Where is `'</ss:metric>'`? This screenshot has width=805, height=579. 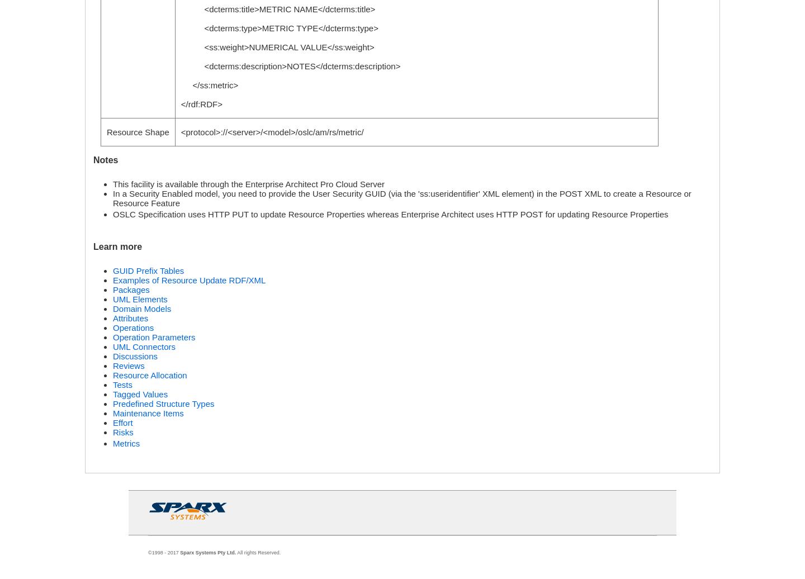
'</ss:metric>' is located at coordinates (209, 85).